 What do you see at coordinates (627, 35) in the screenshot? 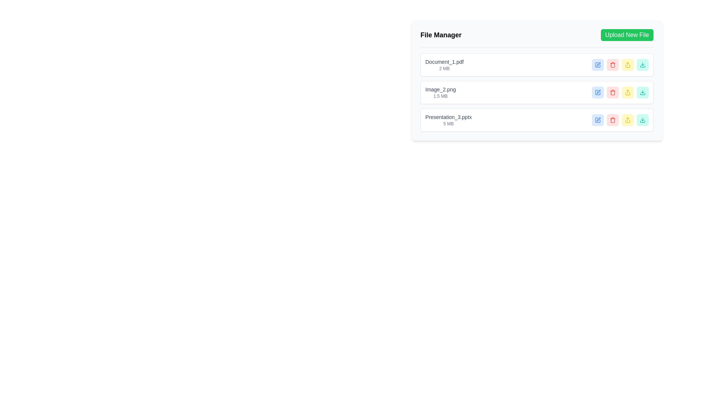
I see `the button located in the top right corner of the 'File Manager' section to change its background to a lighter green shade` at bounding box center [627, 35].